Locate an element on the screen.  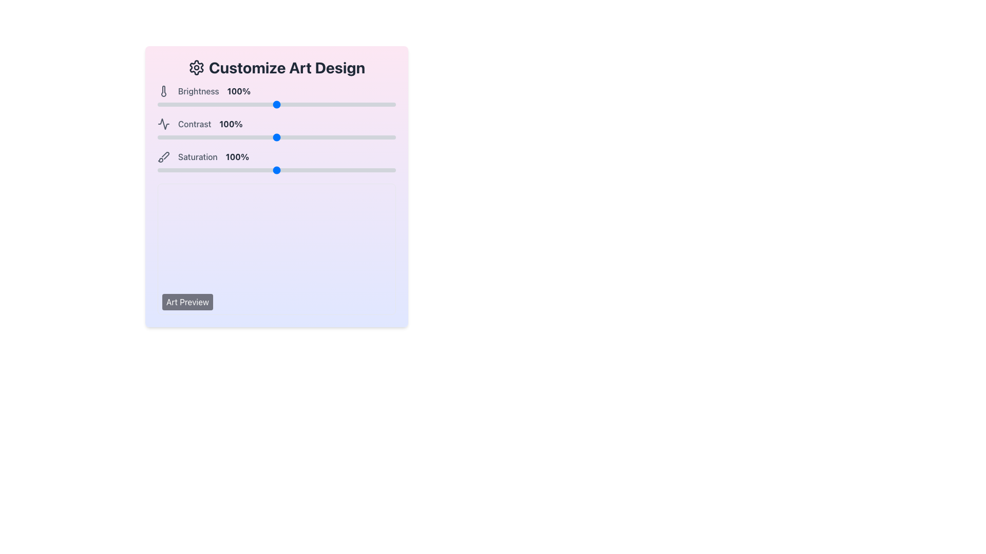
the contrast level is located at coordinates (307, 136).